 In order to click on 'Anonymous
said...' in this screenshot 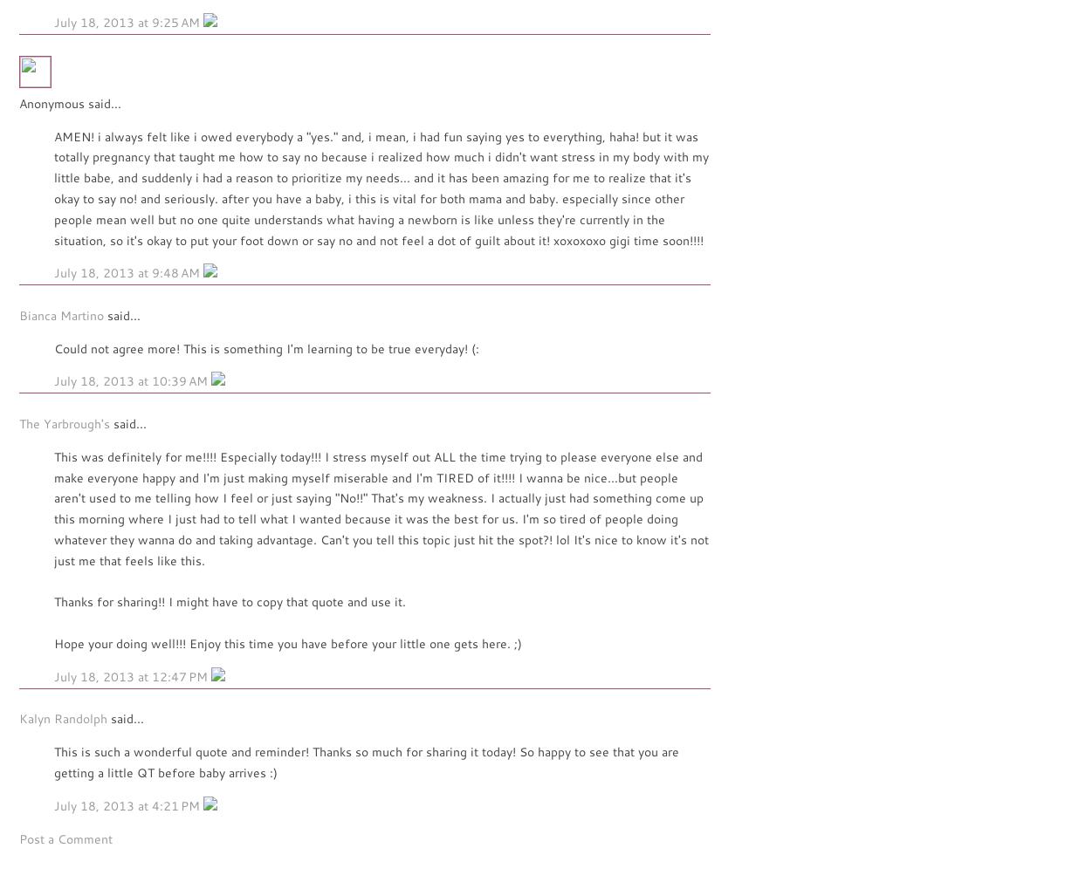, I will do `click(70, 102)`.